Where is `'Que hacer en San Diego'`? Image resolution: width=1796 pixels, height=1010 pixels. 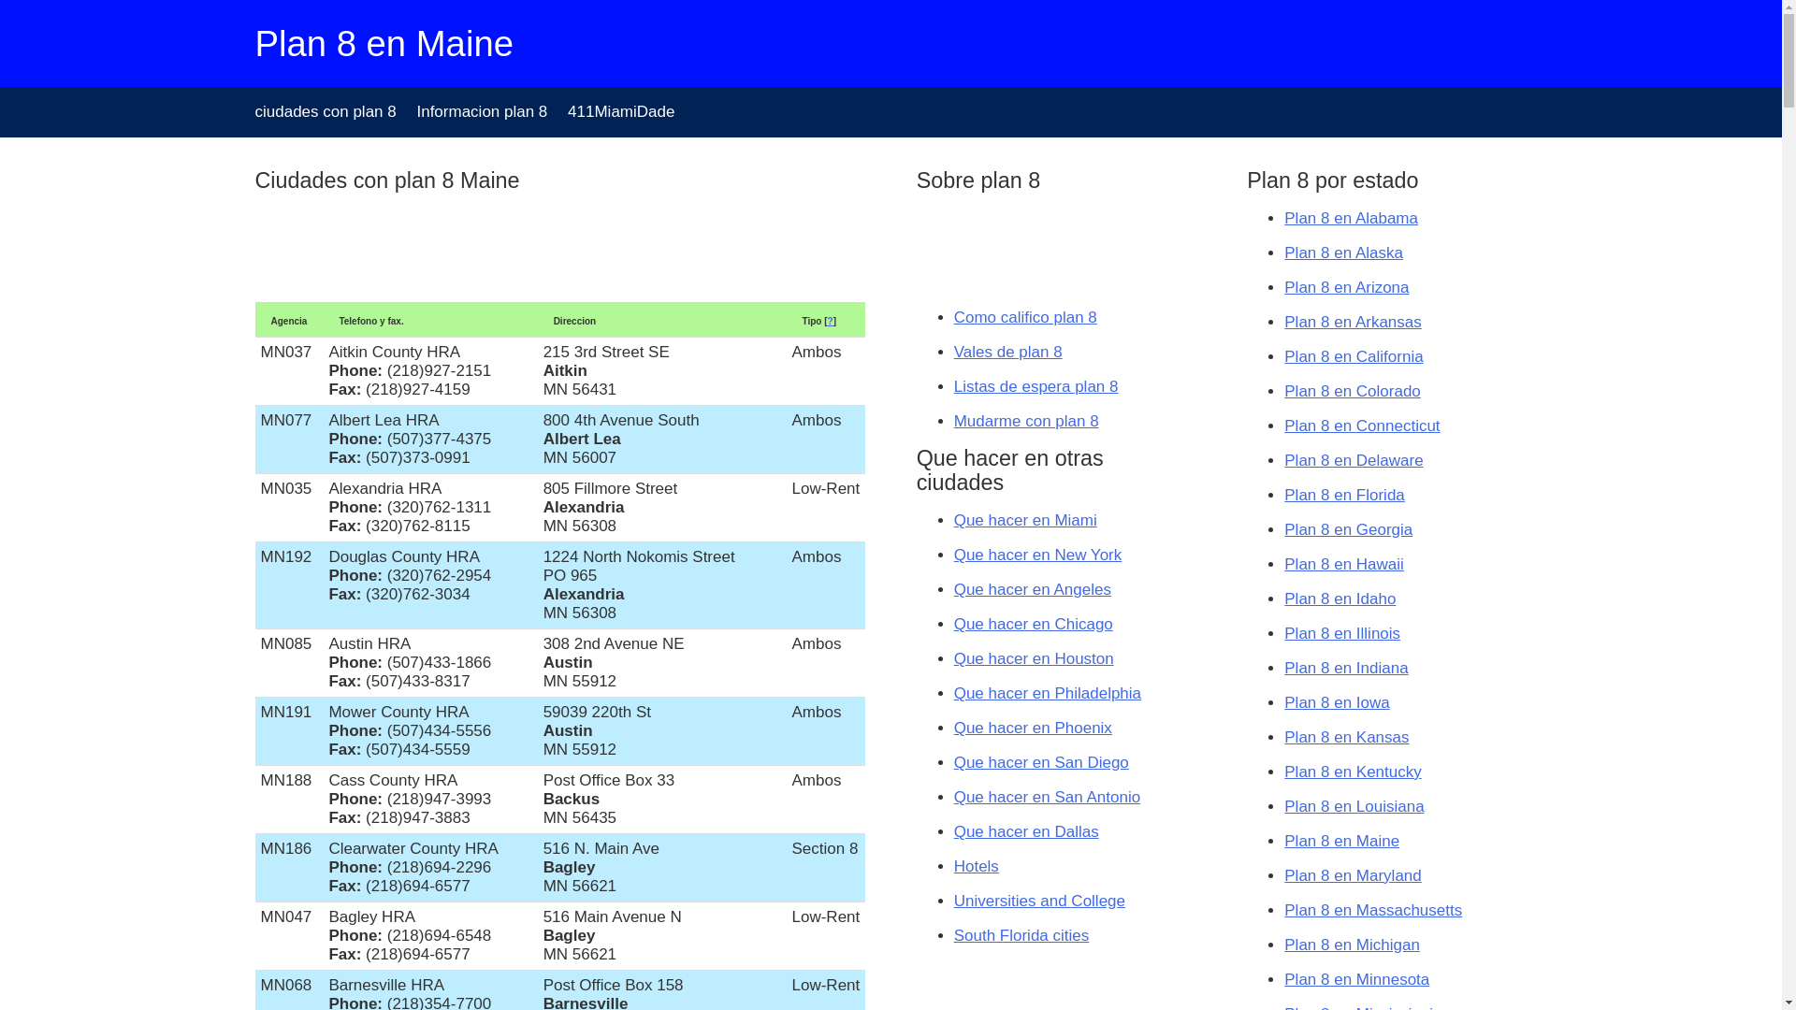
'Que hacer en San Diego' is located at coordinates (1040, 762).